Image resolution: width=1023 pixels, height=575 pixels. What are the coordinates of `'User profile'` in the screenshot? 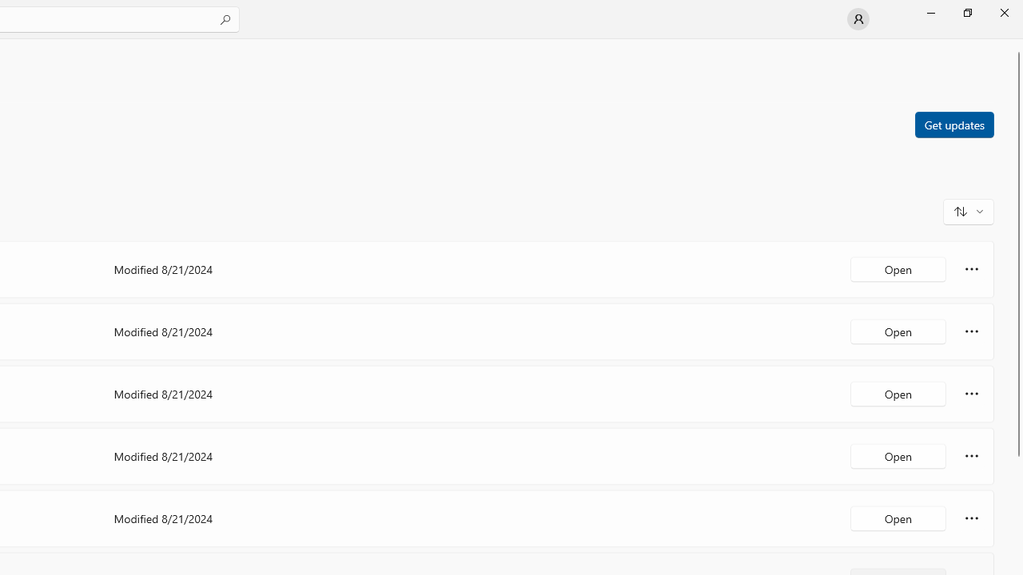 It's located at (857, 19).